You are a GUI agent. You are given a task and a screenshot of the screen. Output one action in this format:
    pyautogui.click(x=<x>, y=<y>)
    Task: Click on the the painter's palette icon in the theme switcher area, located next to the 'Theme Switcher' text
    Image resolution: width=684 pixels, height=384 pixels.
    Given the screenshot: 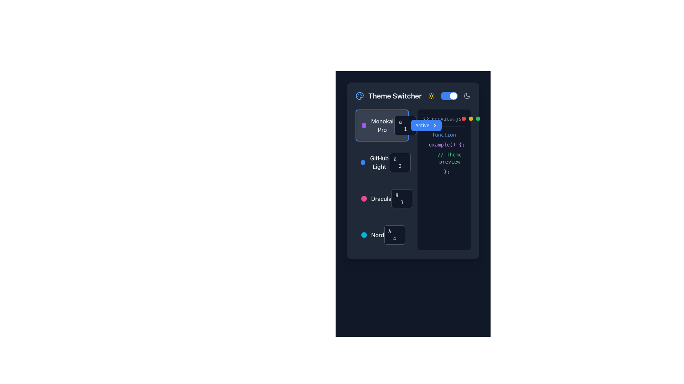 What is the action you would take?
    pyautogui.click(x=359, y=96)
    